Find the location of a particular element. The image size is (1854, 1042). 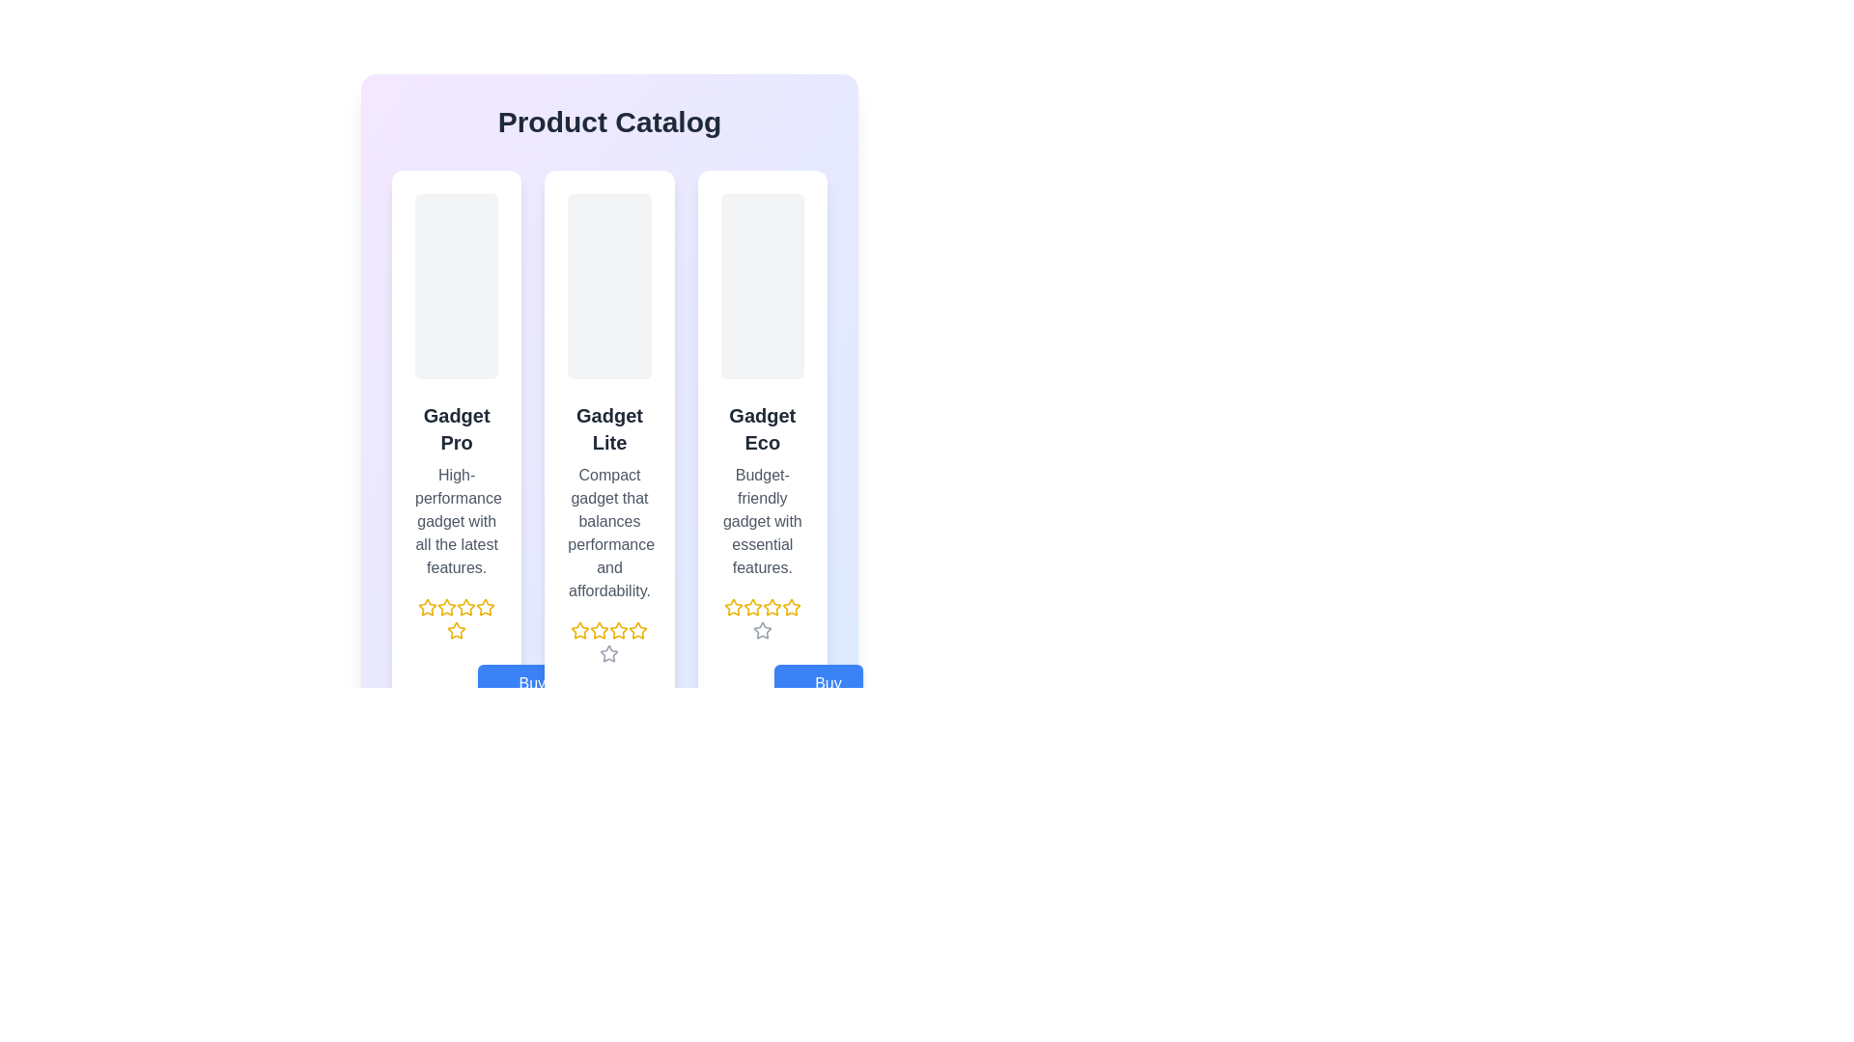

the fifth star in the rating system for the 'Gadget Eco' product is located at coordinates (791, 606).